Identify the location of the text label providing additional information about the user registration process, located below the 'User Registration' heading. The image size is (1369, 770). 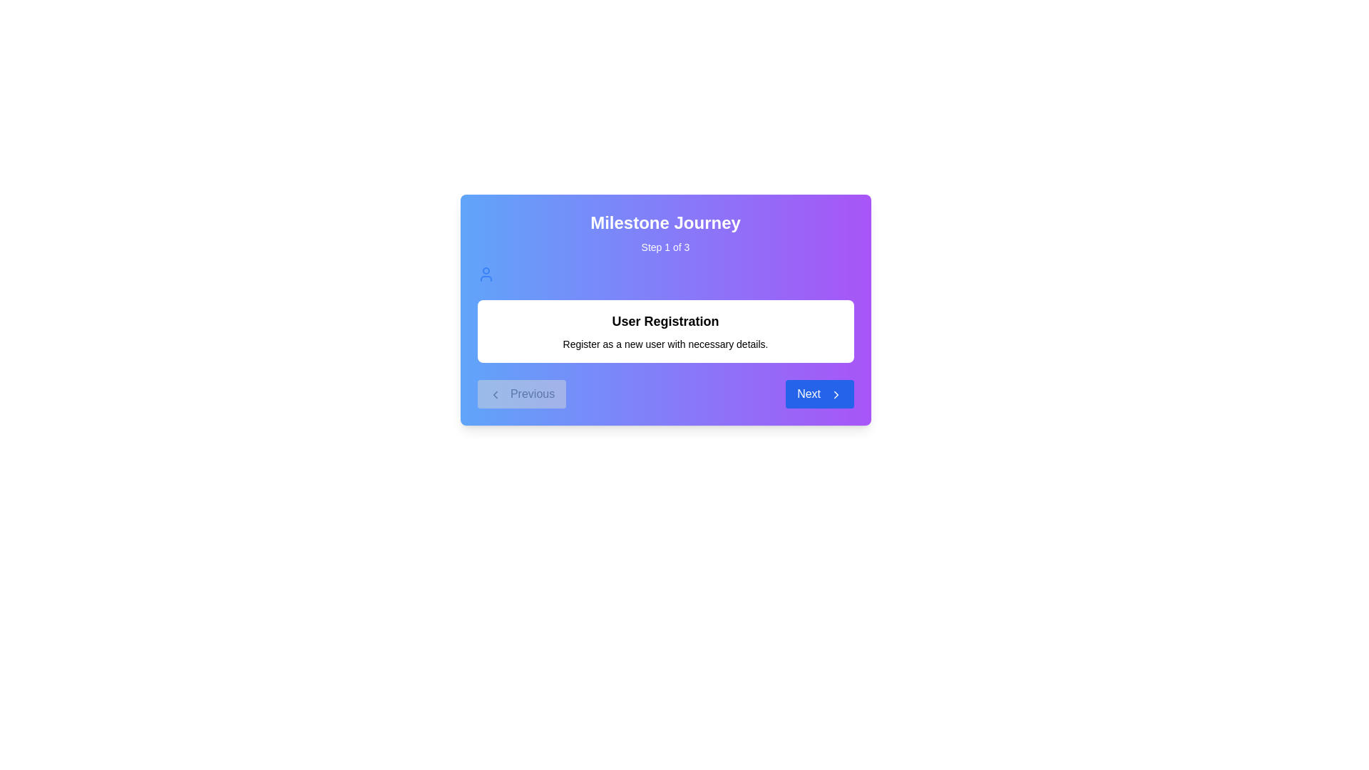
(665, 344).